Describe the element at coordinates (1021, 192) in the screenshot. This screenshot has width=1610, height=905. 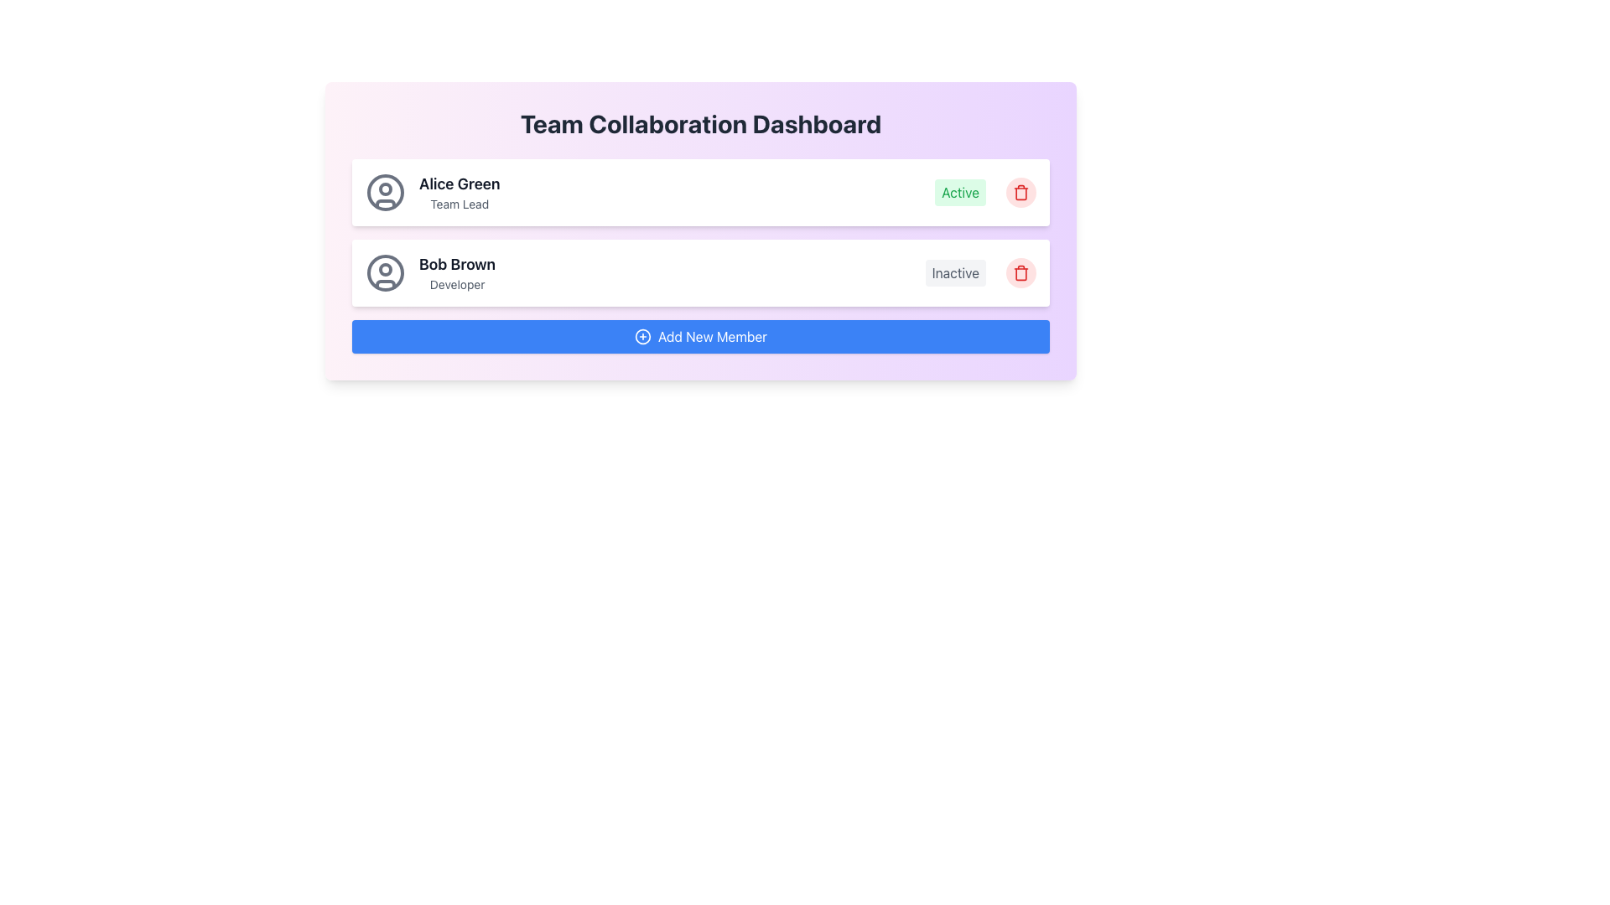
I see `the trash bin icon located at the far right side of the second row, corresponding to the member named 'Bob Brown', to initiate the delete action` at that location.